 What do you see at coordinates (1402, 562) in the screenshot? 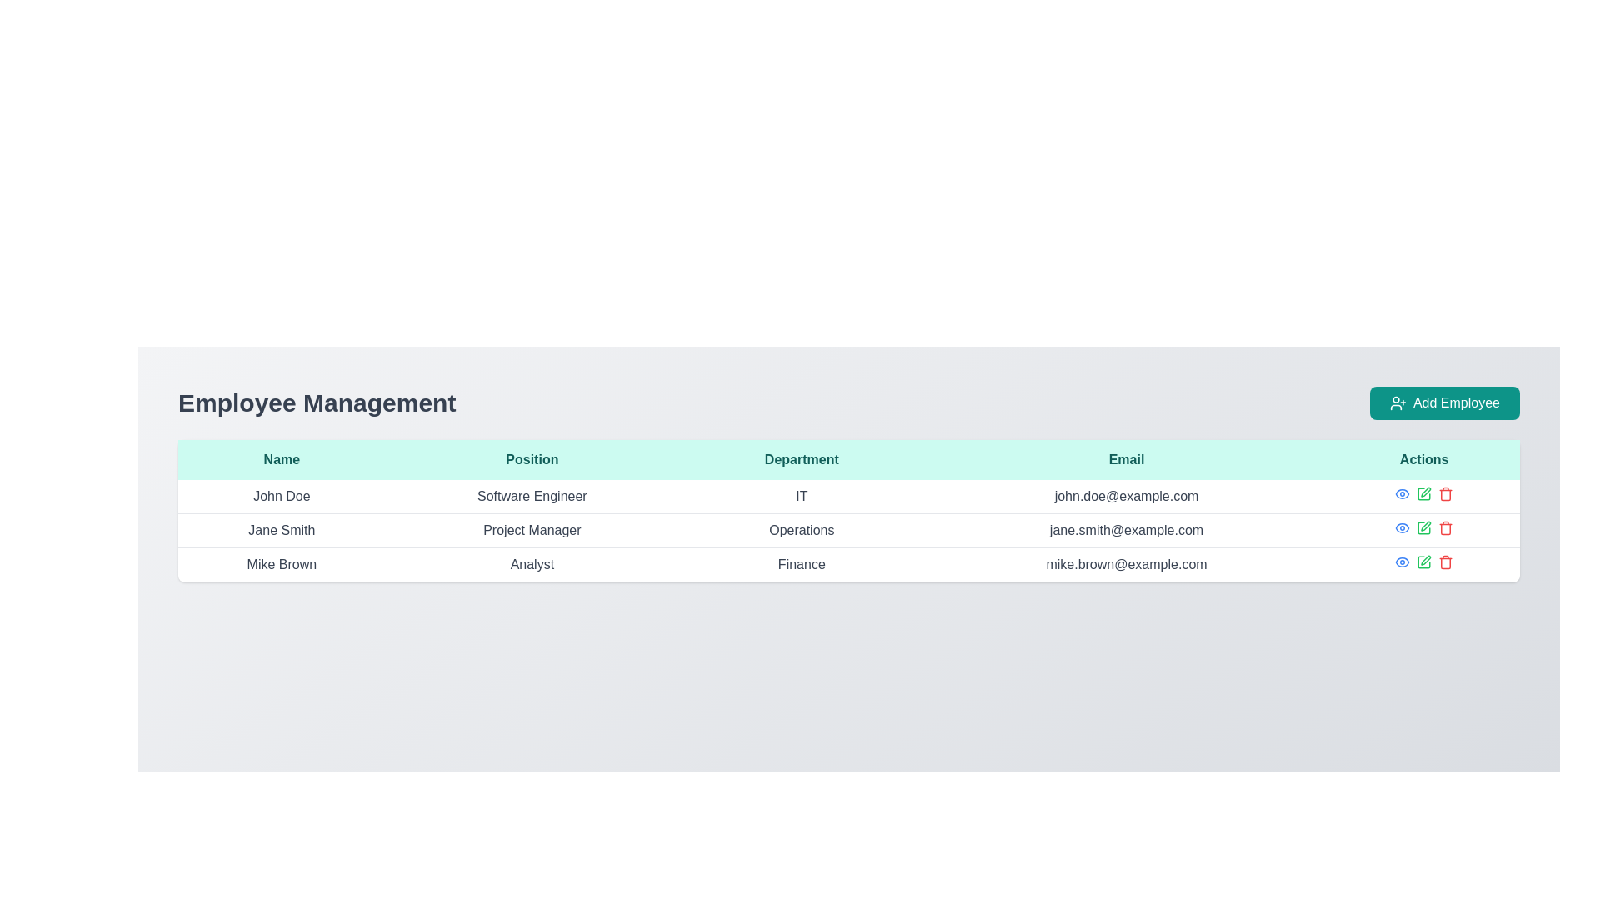
I see `the button in the Actions column for the employee 'Mike Brown'` at bounding box center [1402, 562].